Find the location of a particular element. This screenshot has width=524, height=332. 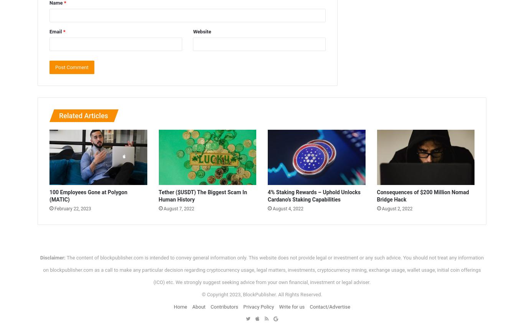

'Related Articles' is located at coordinates (83, 115).